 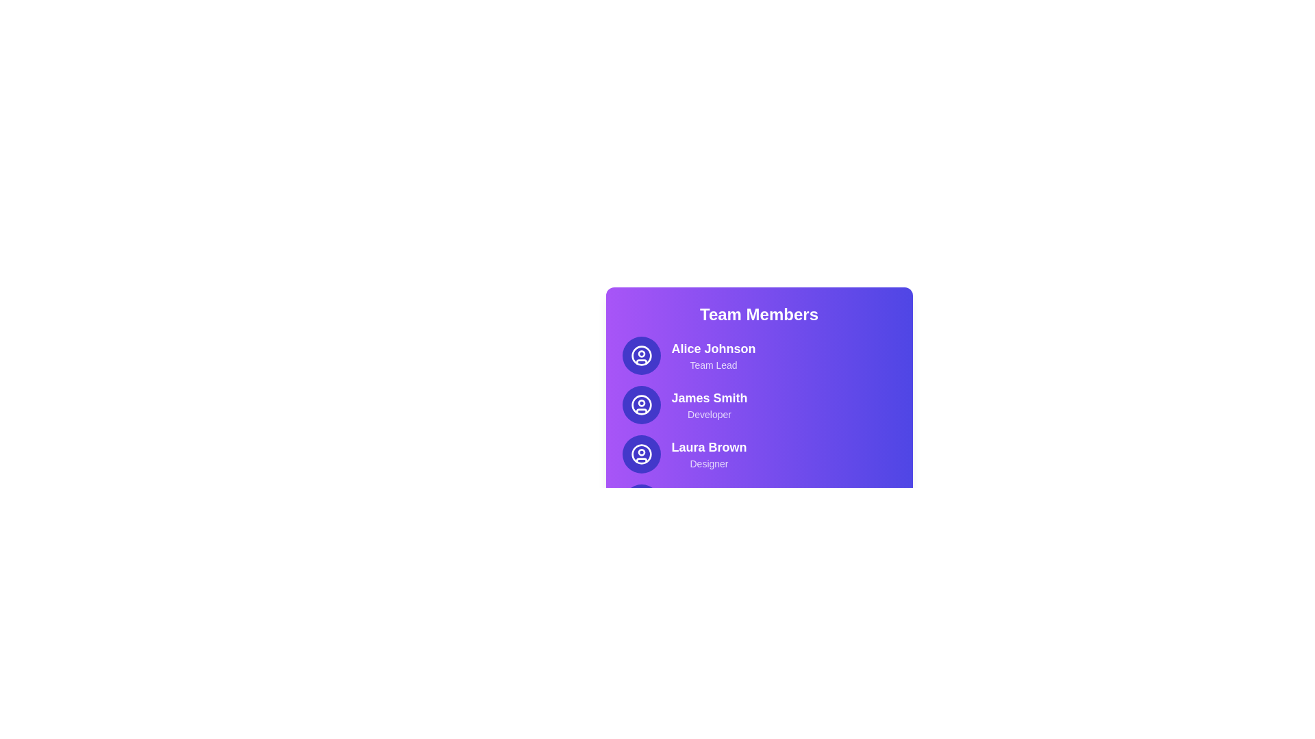 What do you see at coordinates (640, 355) in the screenshot?
I see `the profile picture icon representing user 'Alice Johnson' in the 'Team Members' section` at bounding box center [640, 355].